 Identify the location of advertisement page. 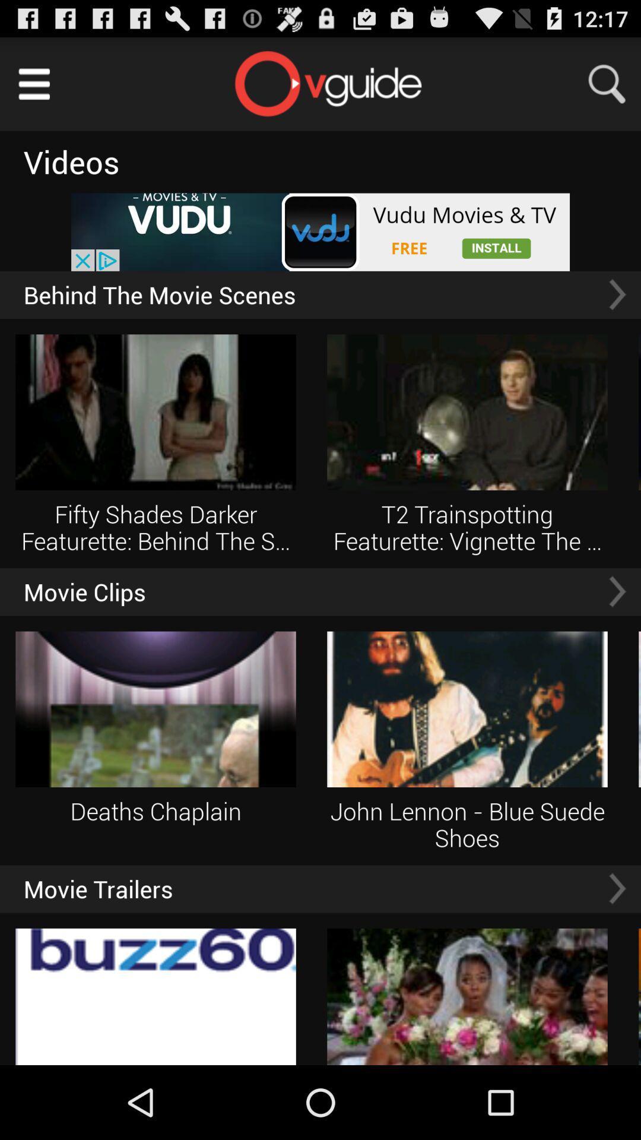
(320, 232).